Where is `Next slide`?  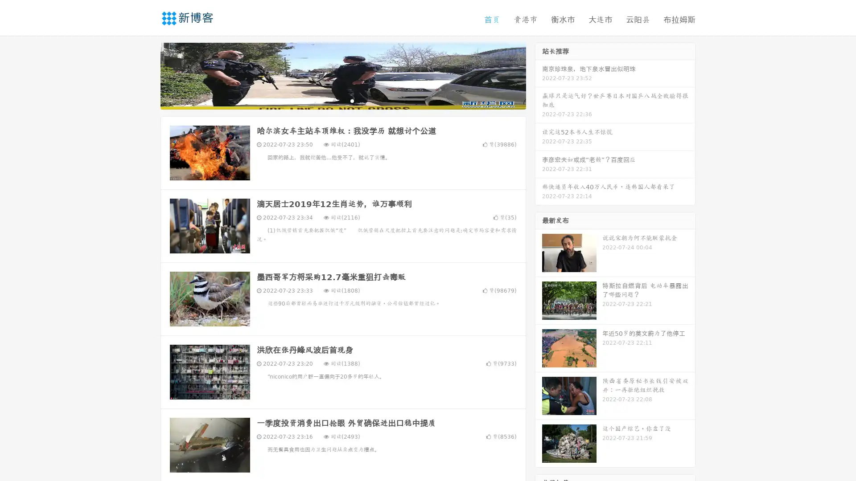 Next slide is located at coordinates (539, 75).